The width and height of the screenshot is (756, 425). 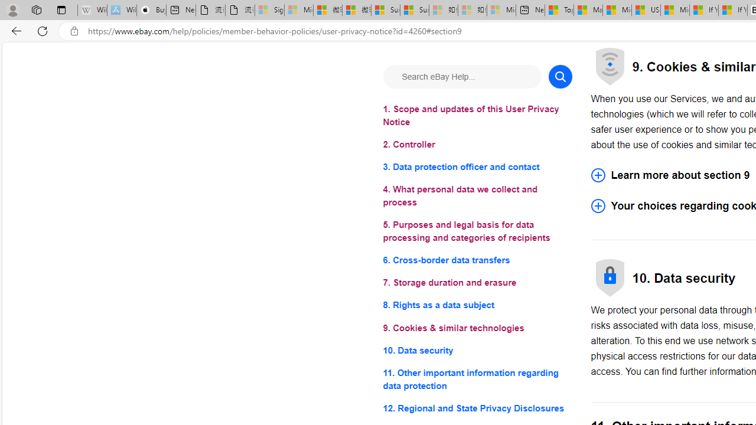 What do you see at coordinates (477, 195) in the screenshot?
I see `'4. What personal data we collect and process'` at bounding box center [477, 195].